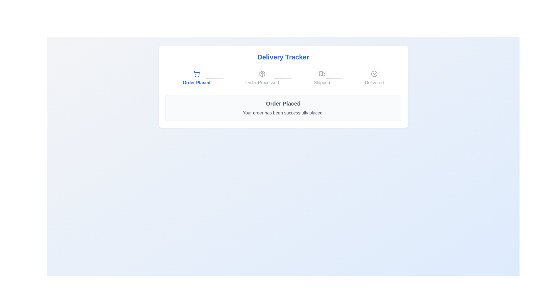 The width and height of the screenshot is (534, 300). Describe the element at coordinates (196, 78) in the screenshot. I see `the step label Order Placed` at that location.